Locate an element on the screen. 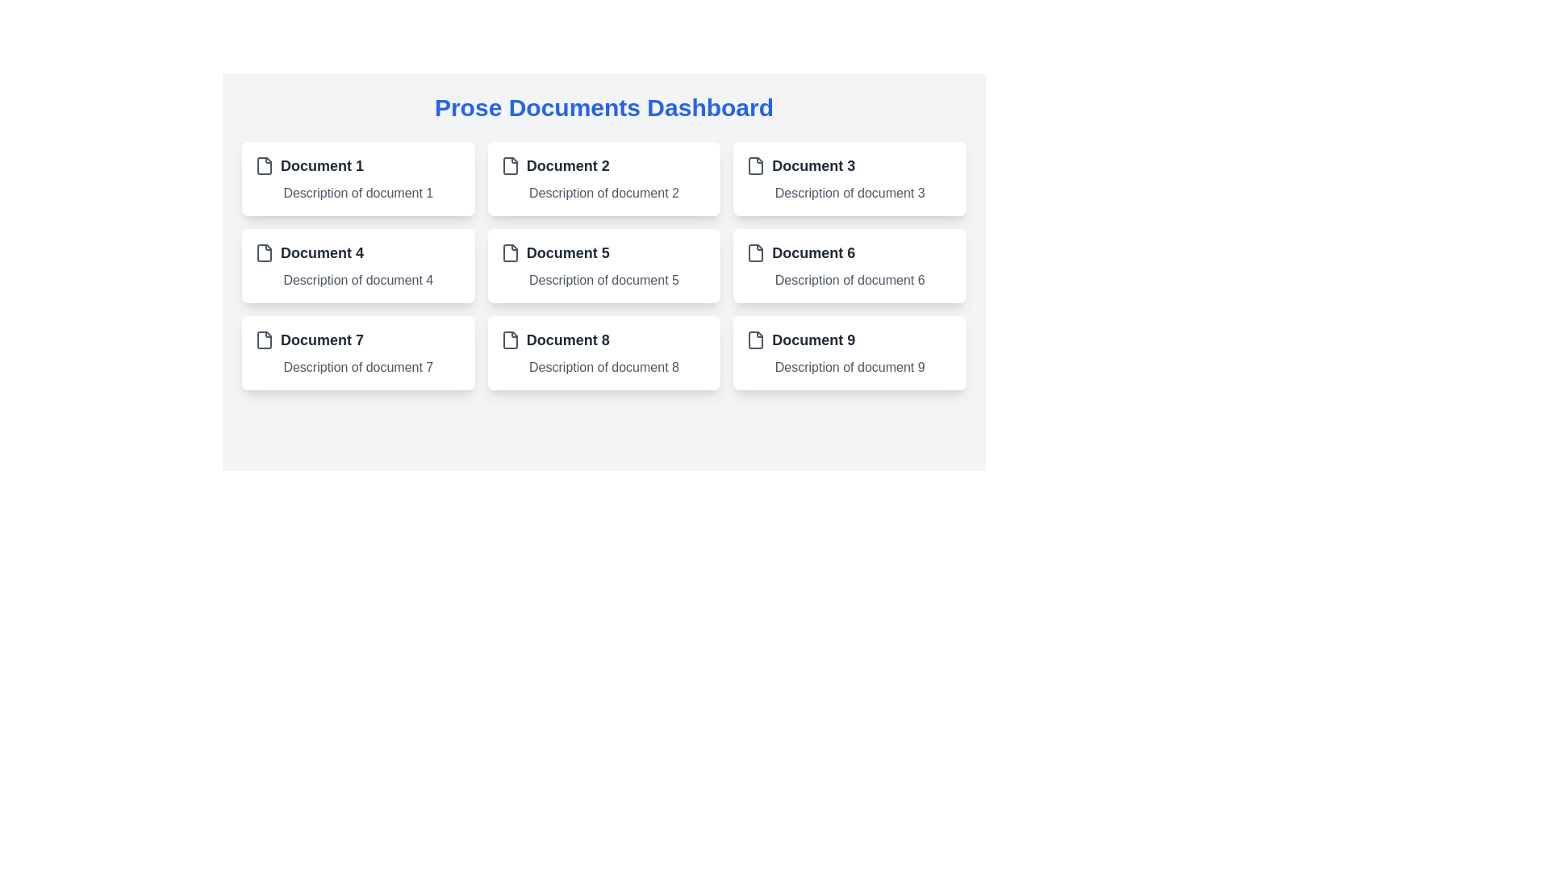 The height and width of the screenshot is (871, 1549). information provided in the text label located at the bottom of the card labeled 'Document 6', in the second column and third row of the grid layout is located at coordinates (849, 279).